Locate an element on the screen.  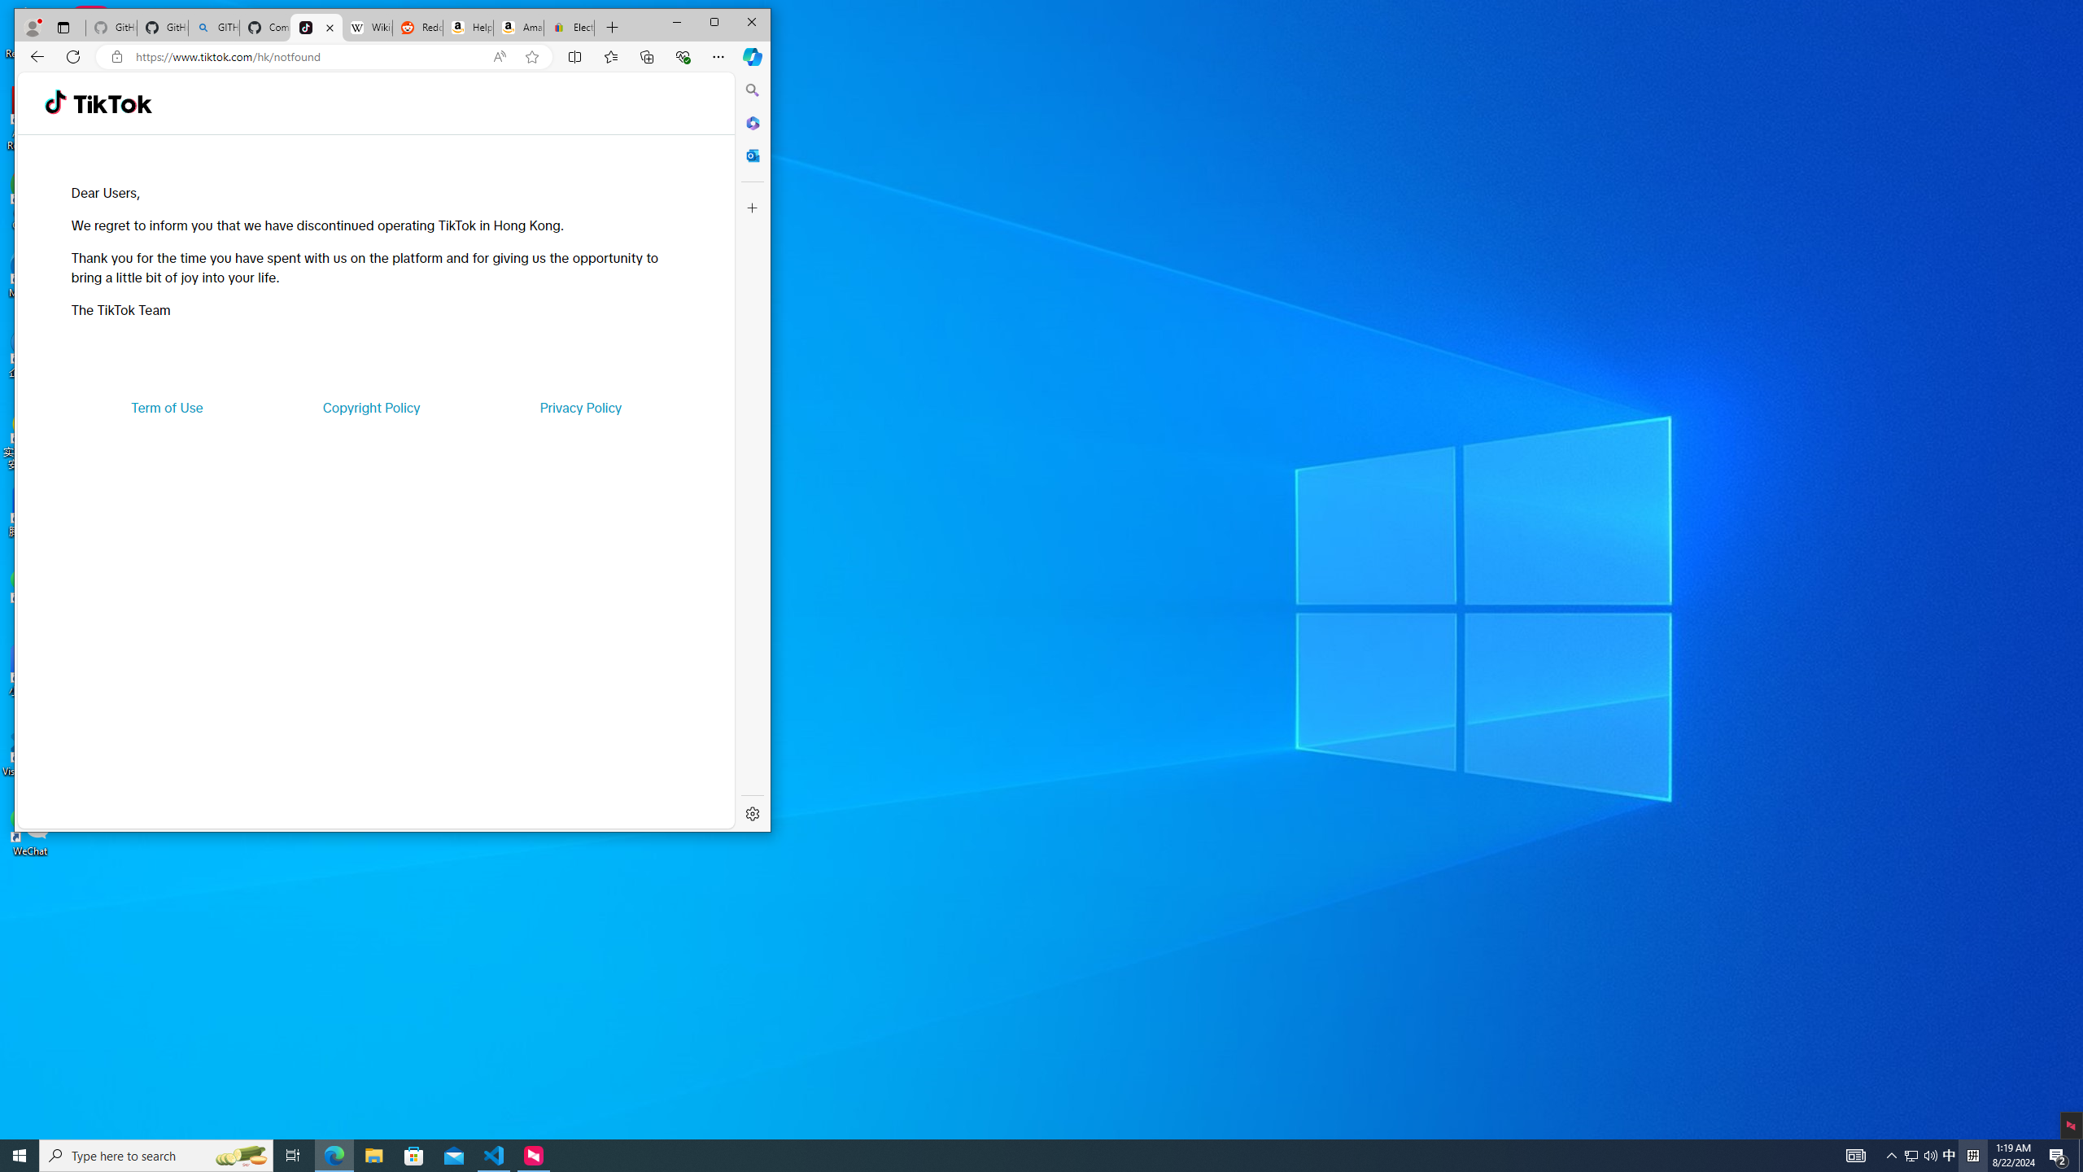
'User Promoted Notification Area' is located at coordinates (1950, 1154).